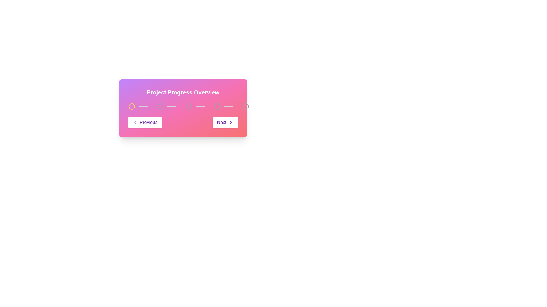 This screenshot has width=547, height=307. What do you see at coordinates (217, 106) in the screenshot?
I see `the fourth circular marker in the progress indicator, which is an SVG Circle with a gray stroke and transparent fill, located above the 'Previous' and 'Next' buttons` at bounding box center [217, 106].